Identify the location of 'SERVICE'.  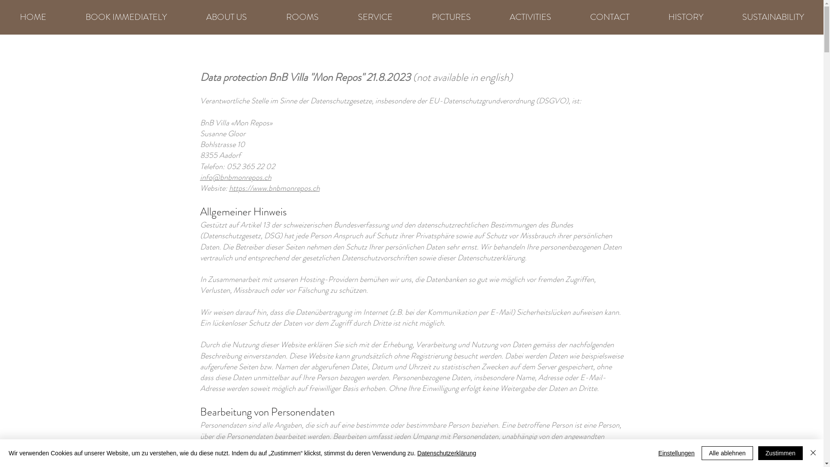
(375, 17).